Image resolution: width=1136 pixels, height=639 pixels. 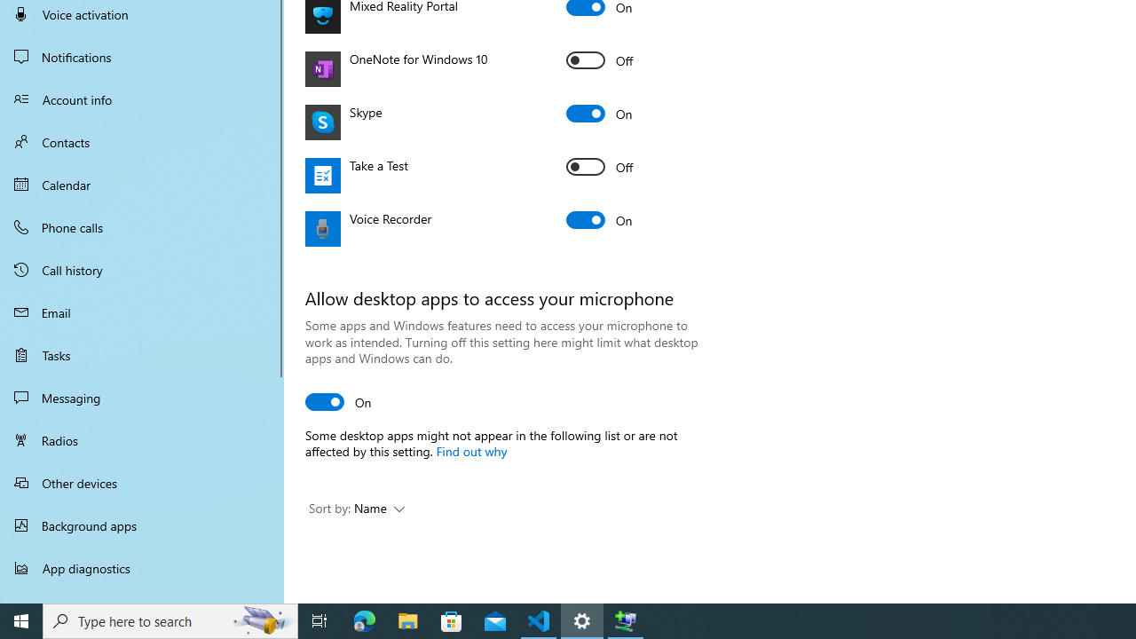 What do you see at coordinates (339, 401) in the screenshot?
I see `'Allow desktop apps to access your microphone'` at bounding box center [339, 401].